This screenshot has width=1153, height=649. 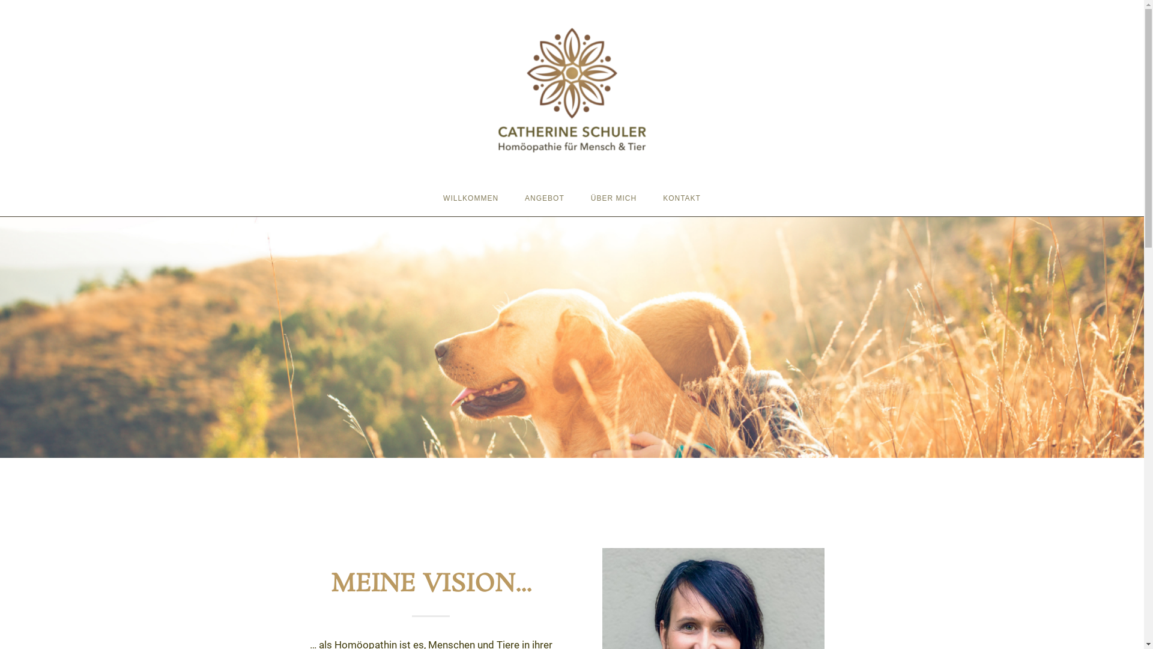 I want to click on 'ANGEBOT', so click(x=544, y=198).